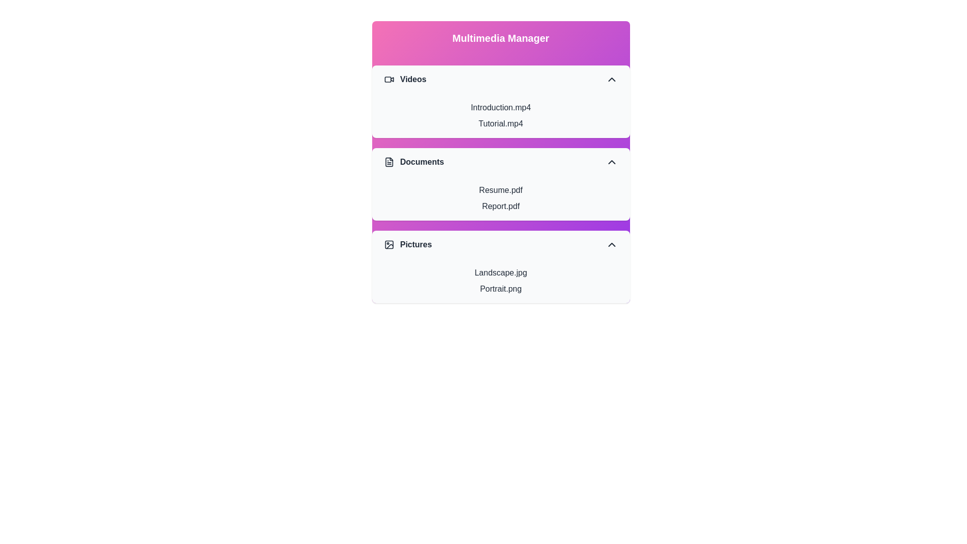  What do you see at coordinates (501, 107) in the screenshot?
I see `the item Introduction.mp4 within the section Videos` at bounding box center [501, 107].